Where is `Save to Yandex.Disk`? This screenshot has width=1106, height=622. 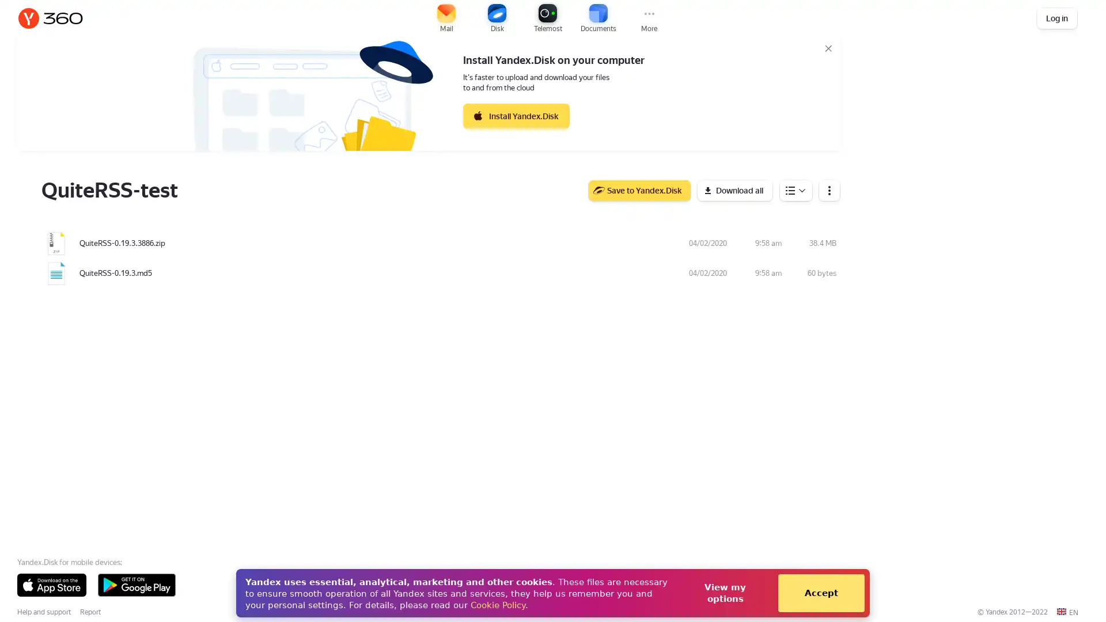 Save to Yandex.Disk is located at coordinates (639, 190).